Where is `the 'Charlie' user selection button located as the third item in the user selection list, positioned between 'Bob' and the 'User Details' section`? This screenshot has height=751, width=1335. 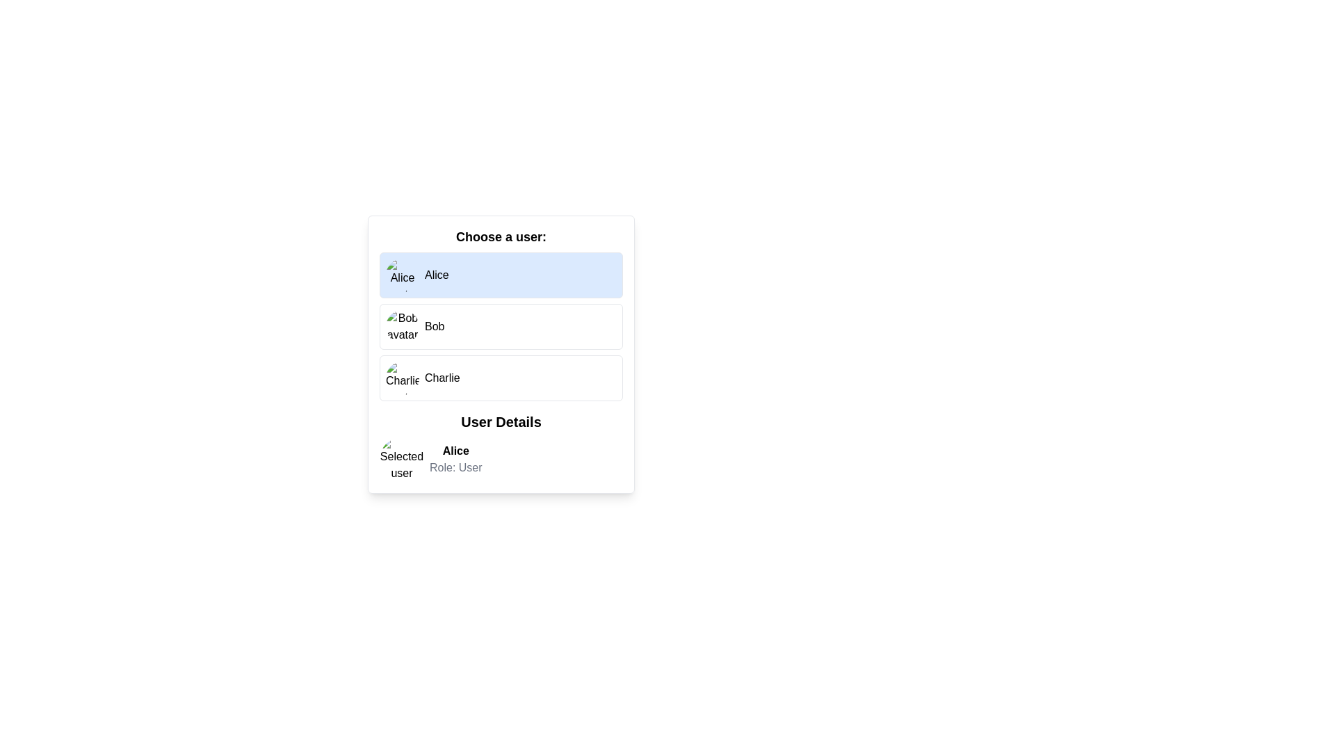
the 'Charlie' user selection button located as the third item in the user selection list, positioned between 'Bob' and the 'User Details' section is located at coordinates (501, 378).